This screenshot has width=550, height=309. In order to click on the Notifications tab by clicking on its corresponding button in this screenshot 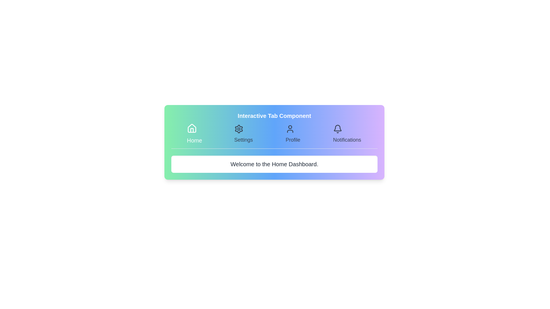, I will do `click(347, 134)`.